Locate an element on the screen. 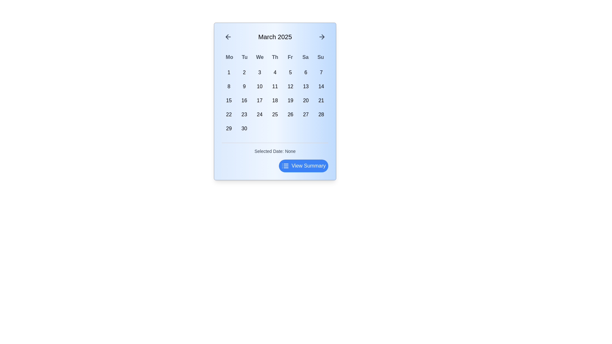  the blue rounded button labeled 'View Summary' located in the bottom-right corner of the calendar widget is located at coordinates (303, 165).